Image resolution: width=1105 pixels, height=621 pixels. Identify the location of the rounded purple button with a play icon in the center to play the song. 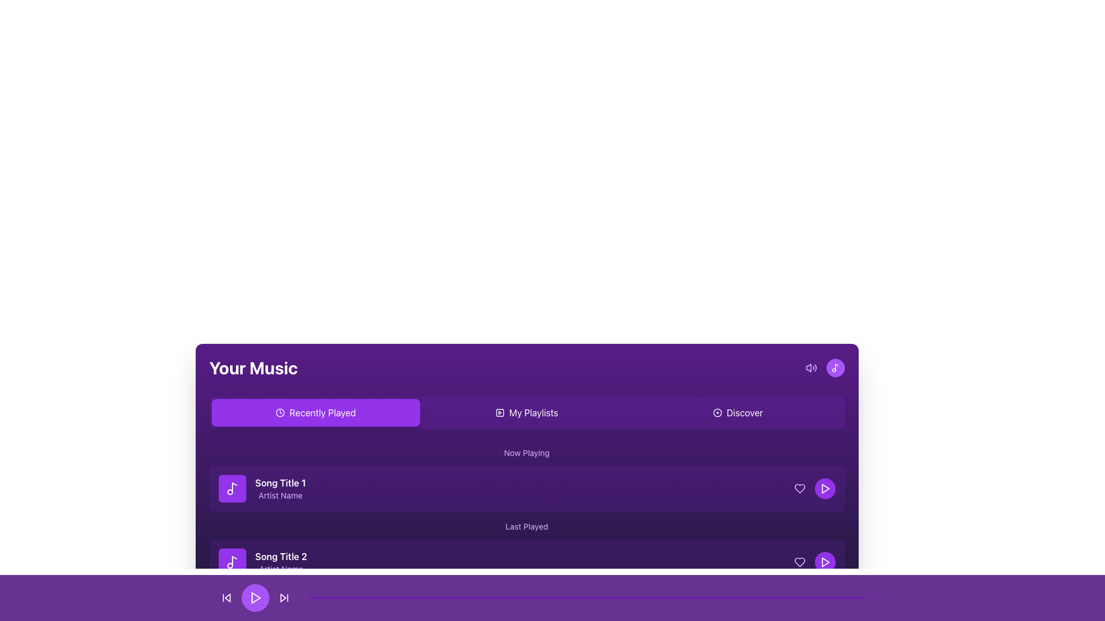
(824, 562).